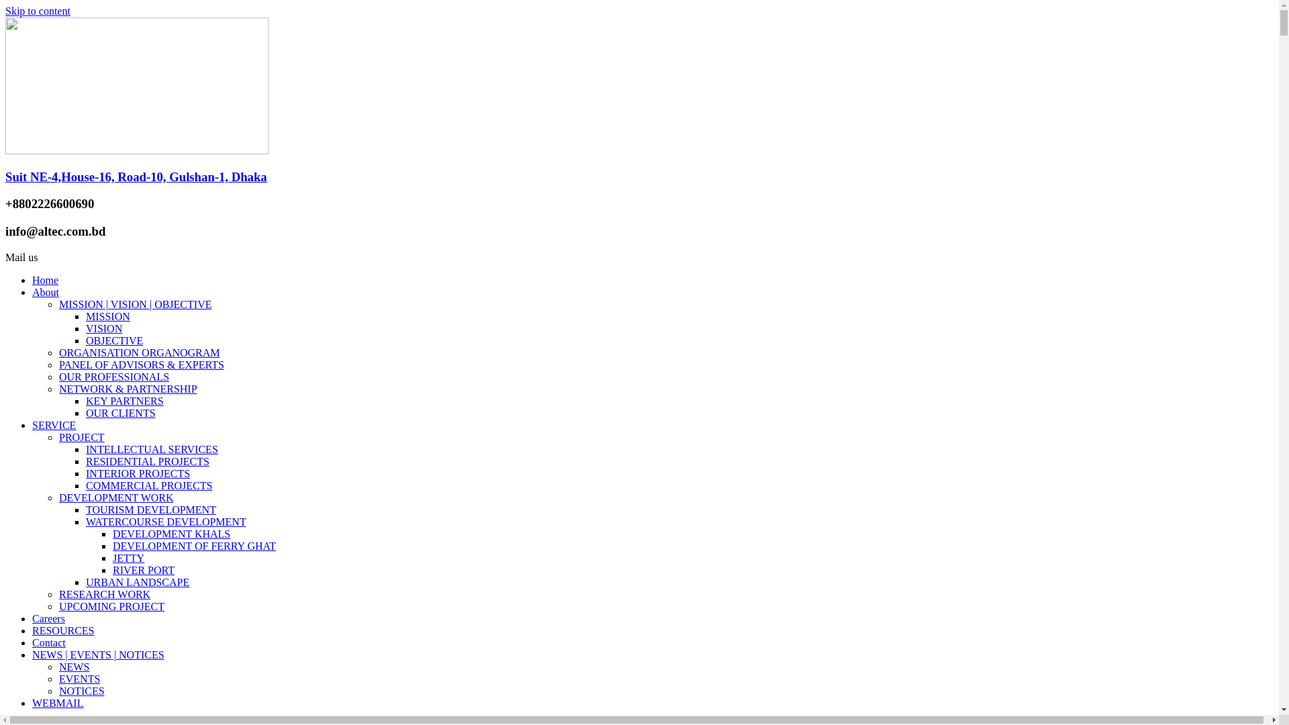  What do you see at coordinates (165, 521) in the screenshot?
I see `'WATERCOURSE DEVELOPMENT'` at bounding box center [165, 521].